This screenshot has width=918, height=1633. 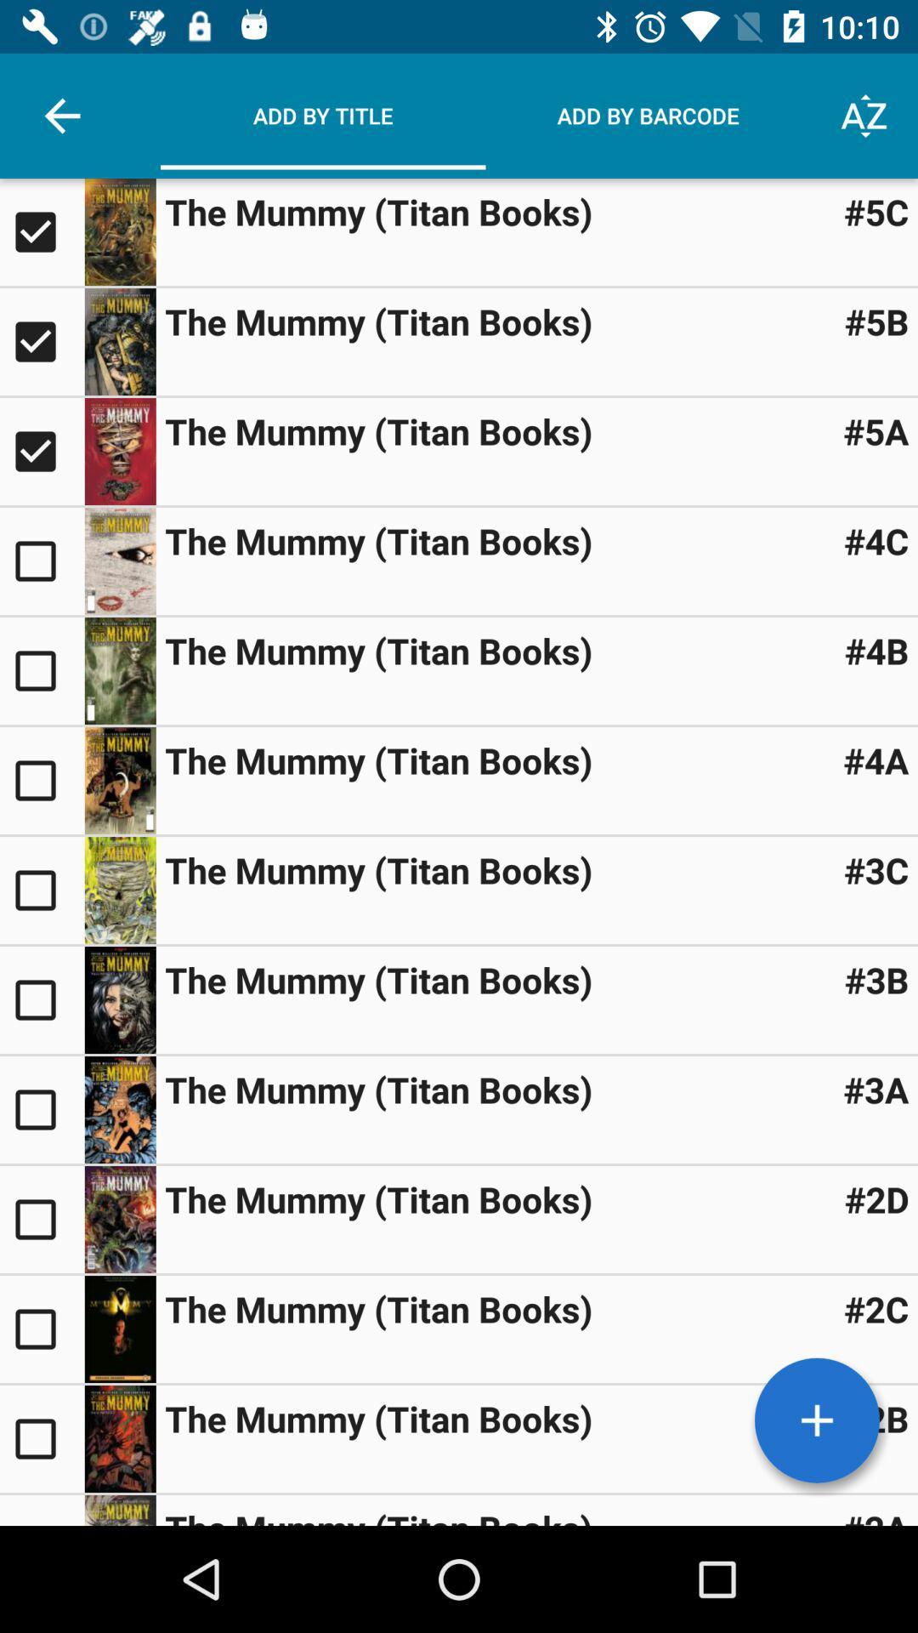 I want to click on option, so click(x=41, y=1219).